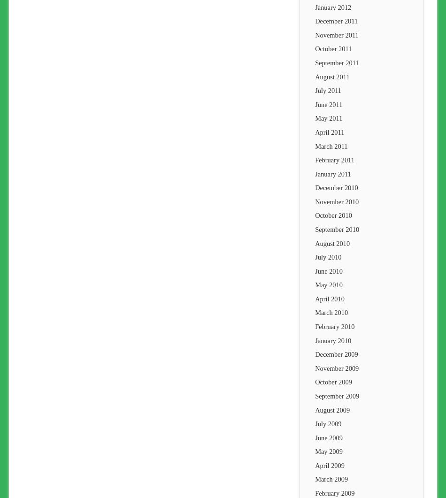  Describe the element at coordinates (328, 257) in the screenshot. I see `'July 2010'` at that location.